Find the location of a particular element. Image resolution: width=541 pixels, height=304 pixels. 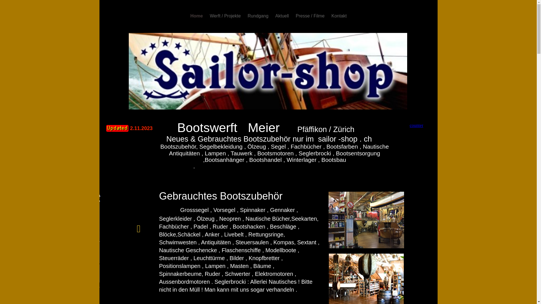

'Kontakt' is located at coordinates (339, 15).